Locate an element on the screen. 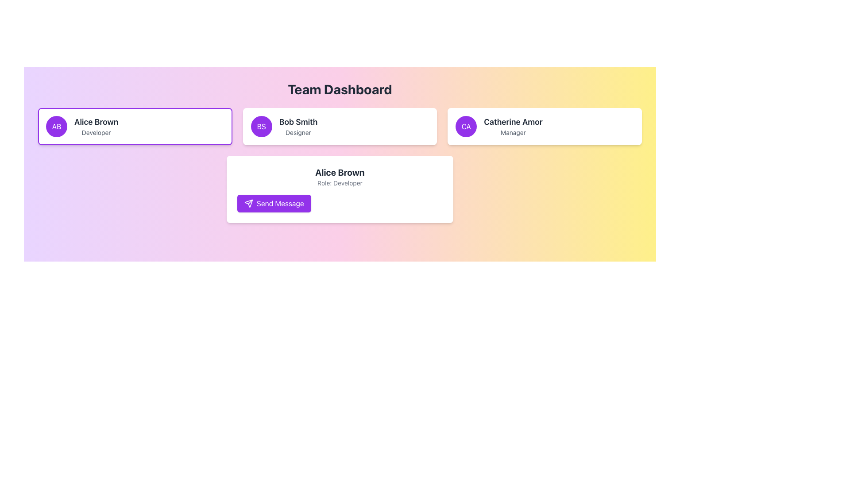 The image size is (850, 478). the text node displaying the name 'Bob Smith', which is in bold and dark gray color, located in the top center of the card UI component is located at coordinates (298, 122).